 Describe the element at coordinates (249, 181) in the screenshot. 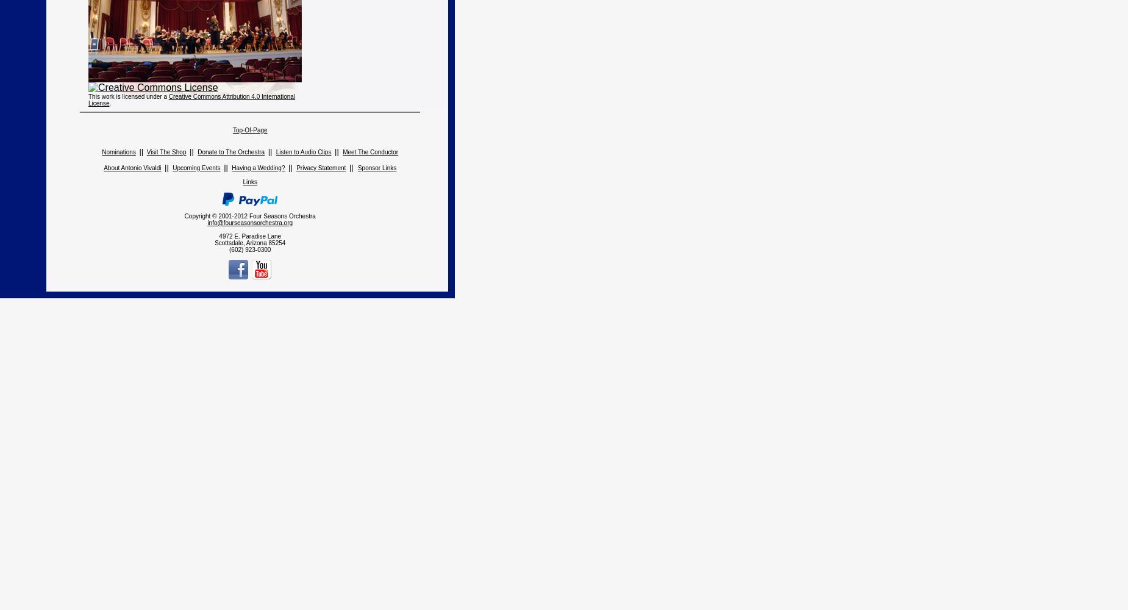

I see `'Links'` at that location.